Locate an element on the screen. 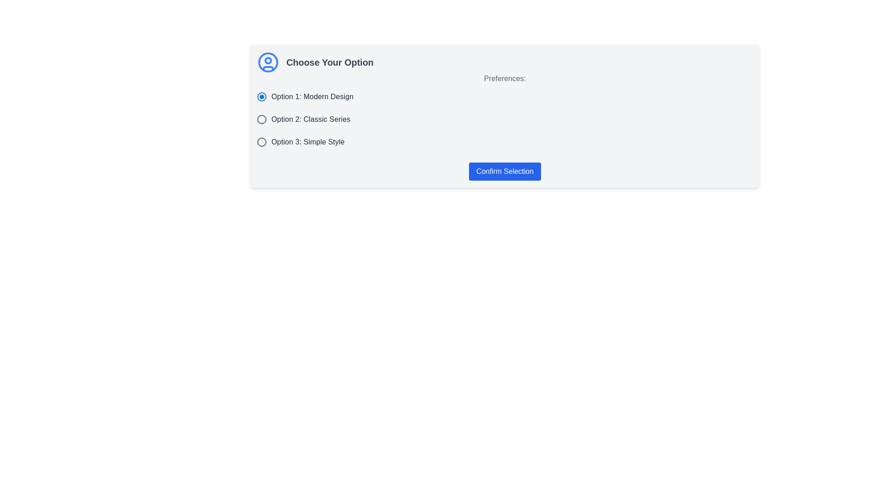  the first radio button for 'Option 1: Modern Design' is located at coordinates (261, 96).